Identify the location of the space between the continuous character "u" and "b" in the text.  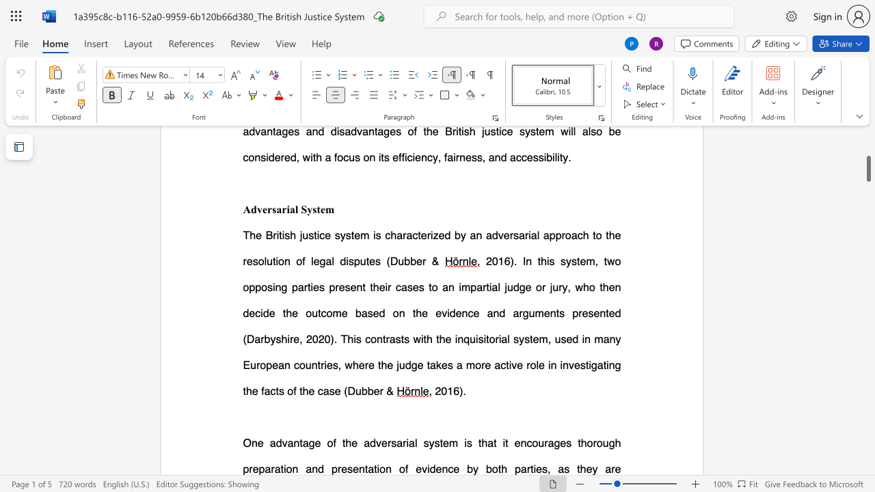
(361, 391).